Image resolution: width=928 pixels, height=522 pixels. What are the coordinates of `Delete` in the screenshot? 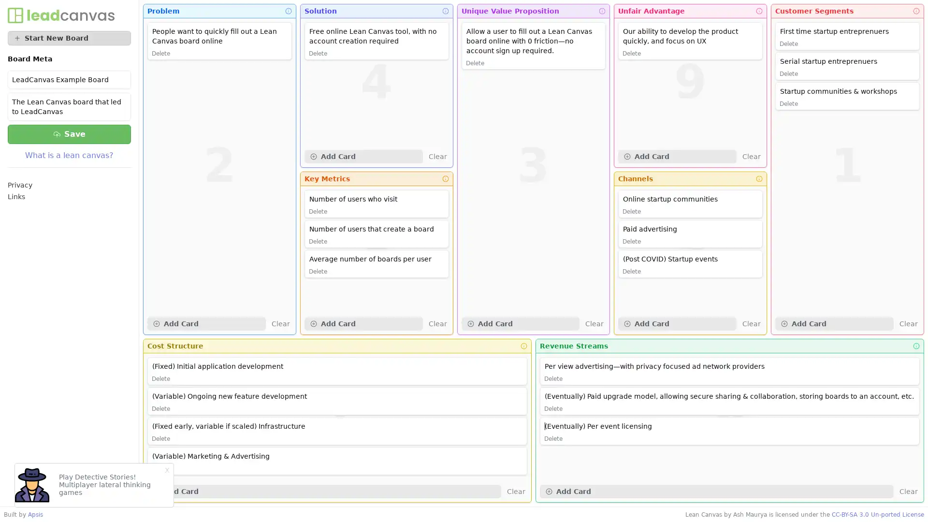 It's located at (789, 44).